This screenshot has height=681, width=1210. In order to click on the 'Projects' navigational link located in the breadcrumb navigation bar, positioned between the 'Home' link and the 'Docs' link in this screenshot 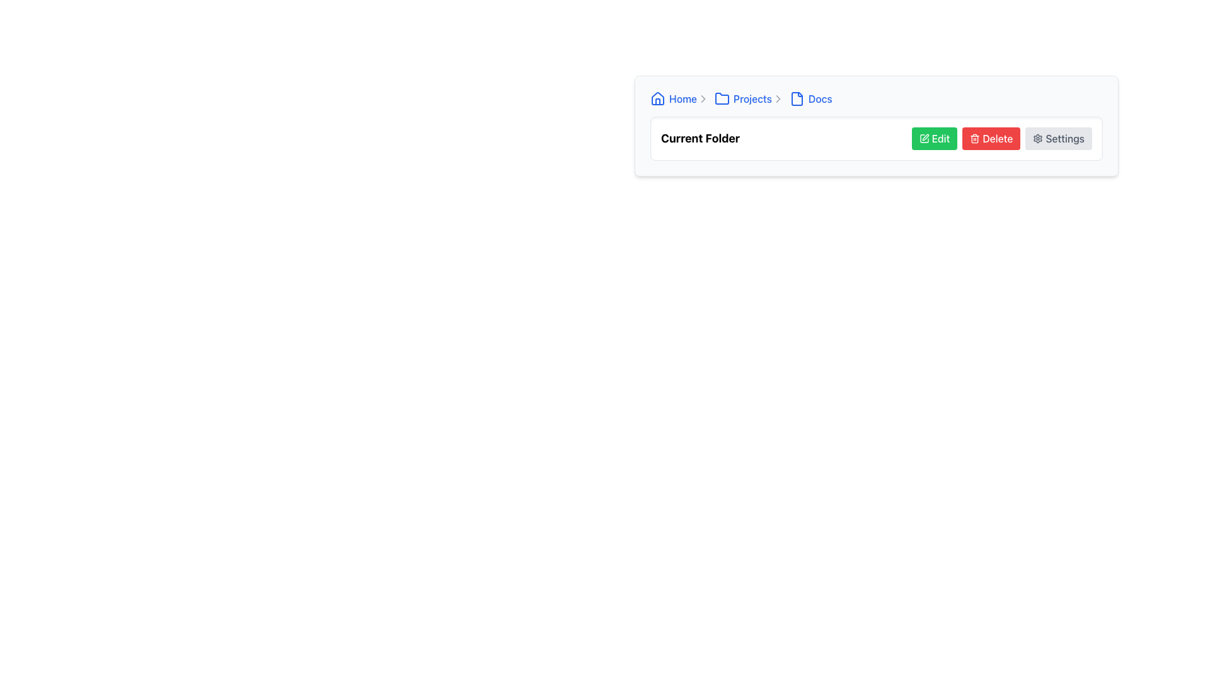, I will do `click(749, 98)`.